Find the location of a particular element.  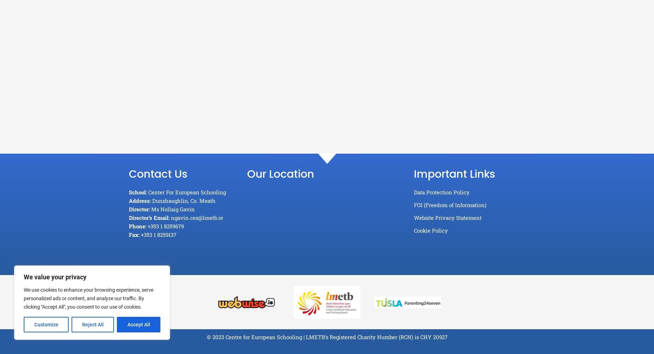

'Address:' is located at coordinates (139, 200).